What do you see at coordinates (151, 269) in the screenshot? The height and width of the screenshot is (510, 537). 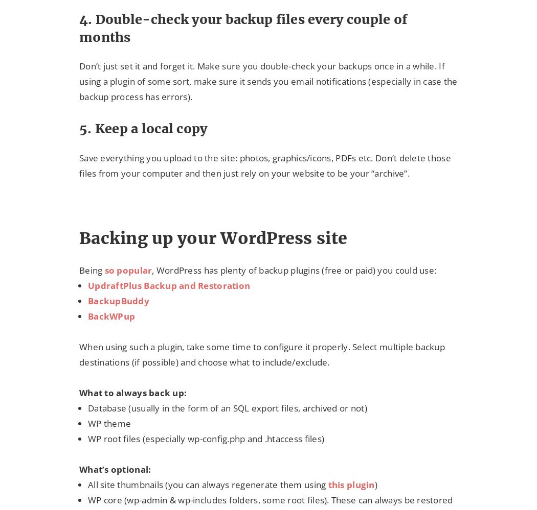 I see `', WordPress has plenty of backup plugins (free or paid) you could use:'` at bounding box center [151, 269].